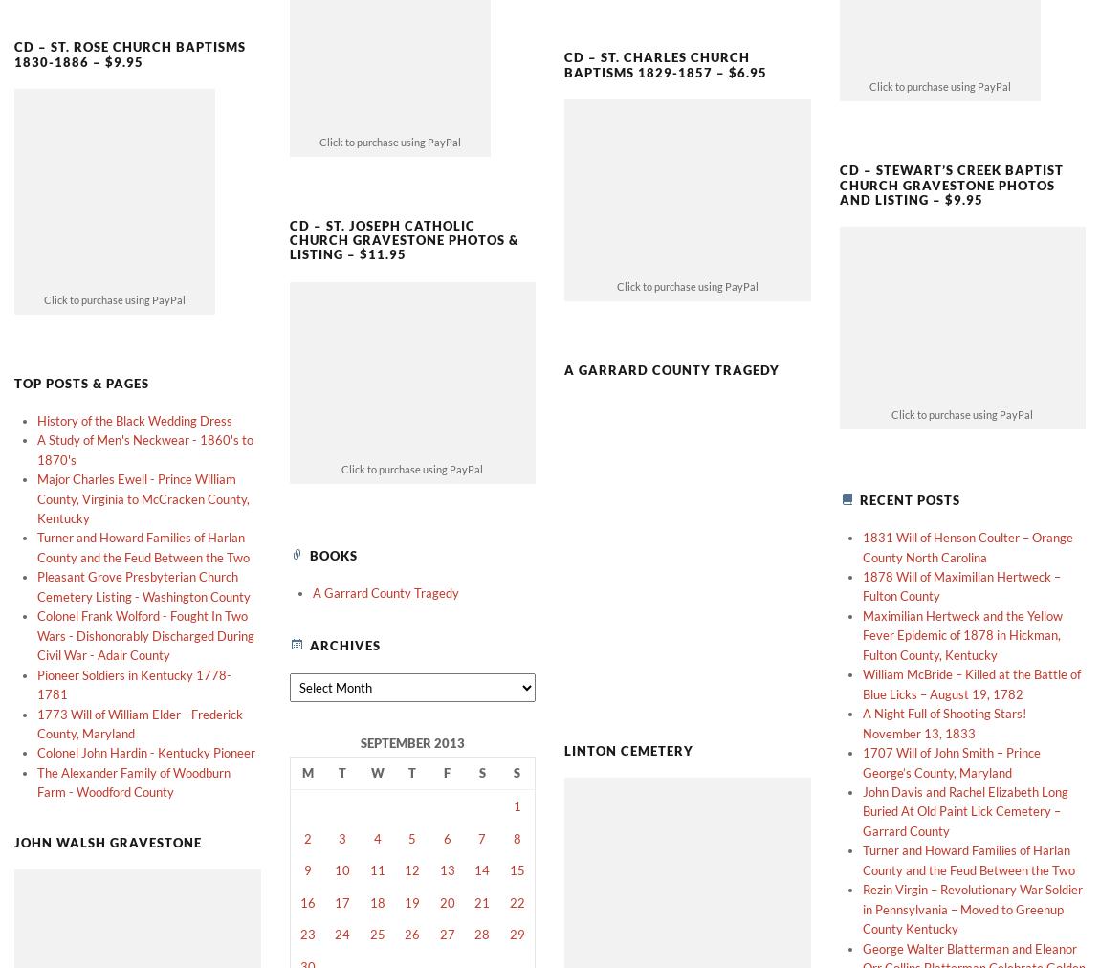 The width and height of the screenshot is (1100, 968). What do you see at coordinates (412, 804) in the screenshot?
I see `'5'` at bounding box center [412, 804].